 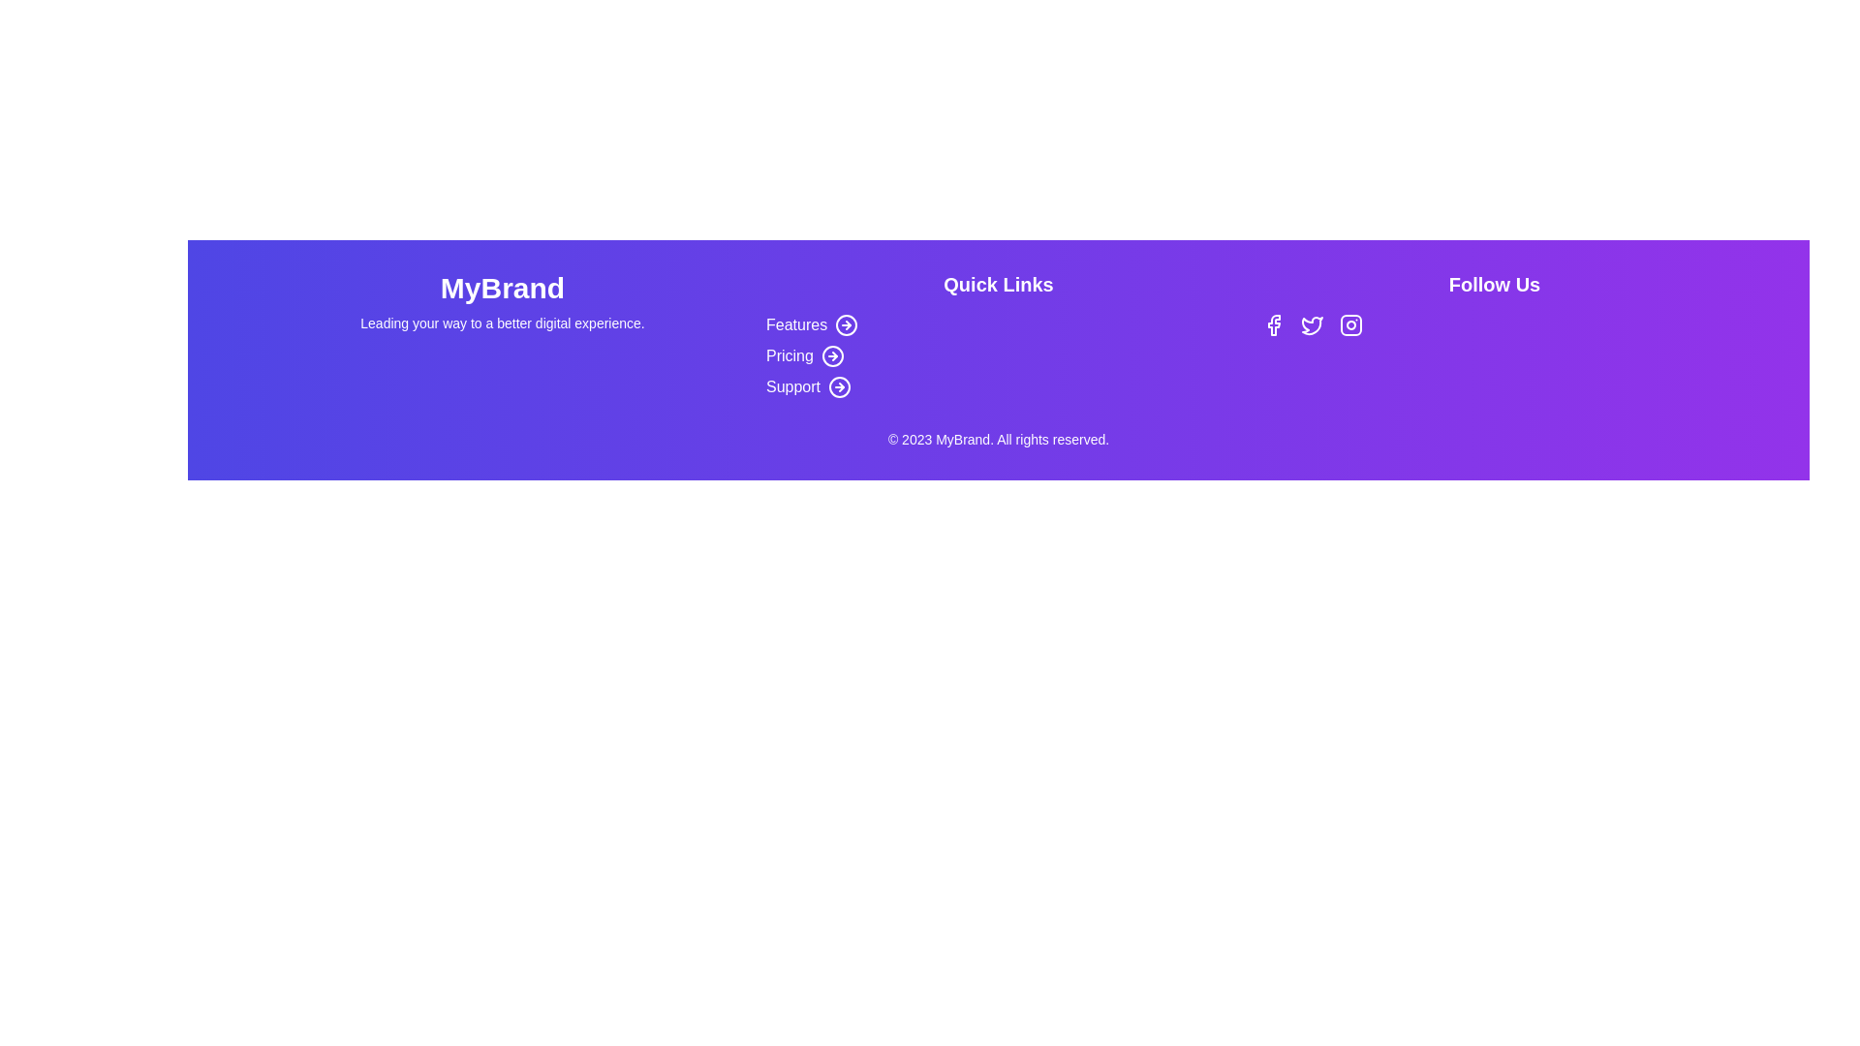 What do you see at coordinates (1274, 323) in the screenshot?
I see `the Facebook logo icon located in the 'Follow Us' section of the footer` at bounding box center [1274, 323].